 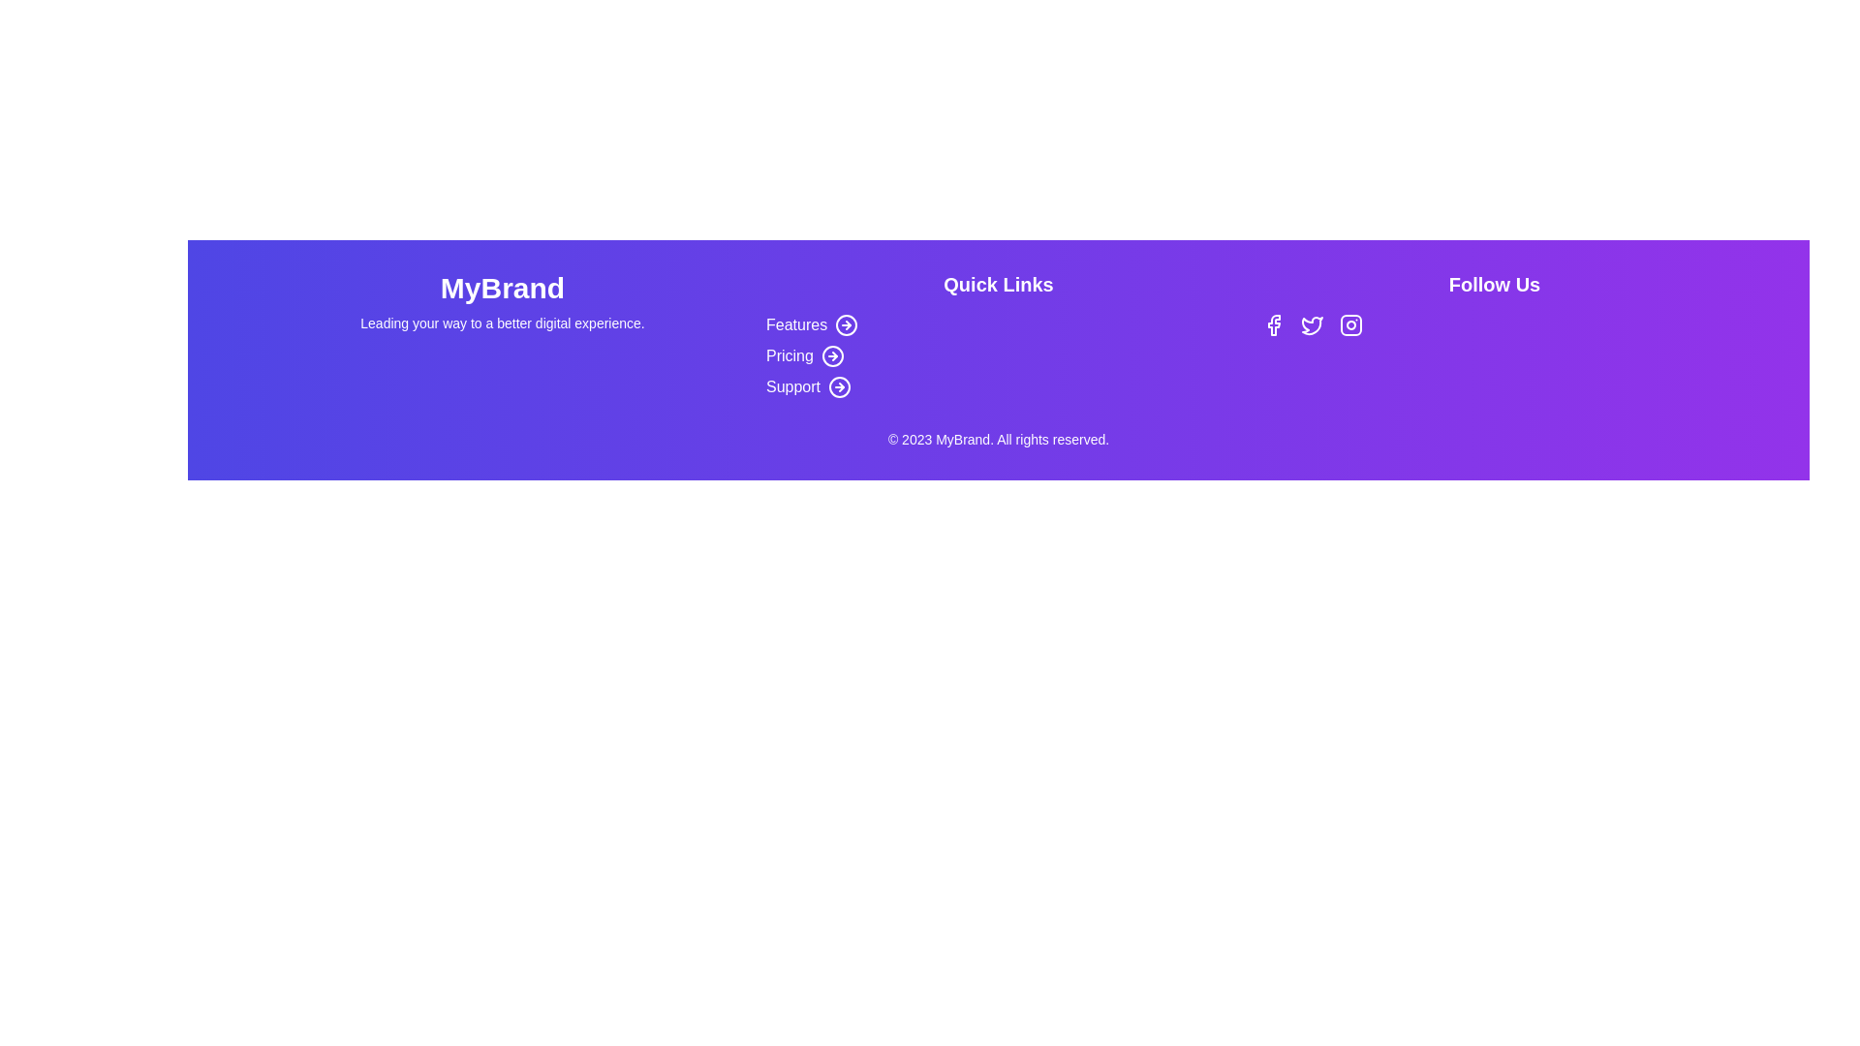 What do you see at coordinates (1274, 323) in the screenshot?
I see `the Facebook logo icon located in the 'Follow Us' section of the footer` at bounding box center [1274, 323].